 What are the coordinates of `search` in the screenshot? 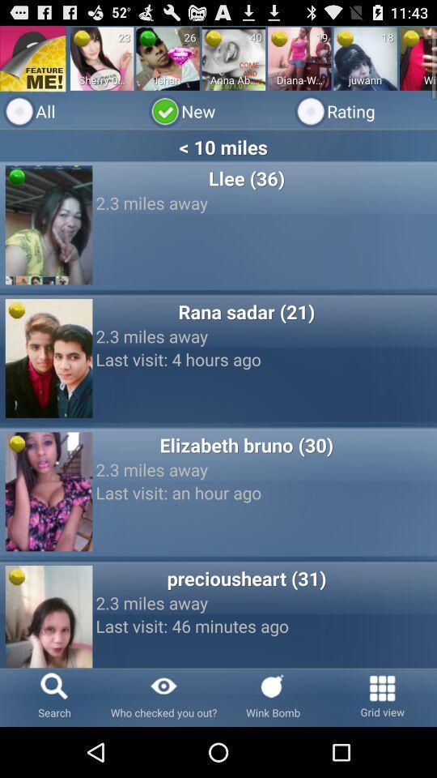 It's located at (54, 696).